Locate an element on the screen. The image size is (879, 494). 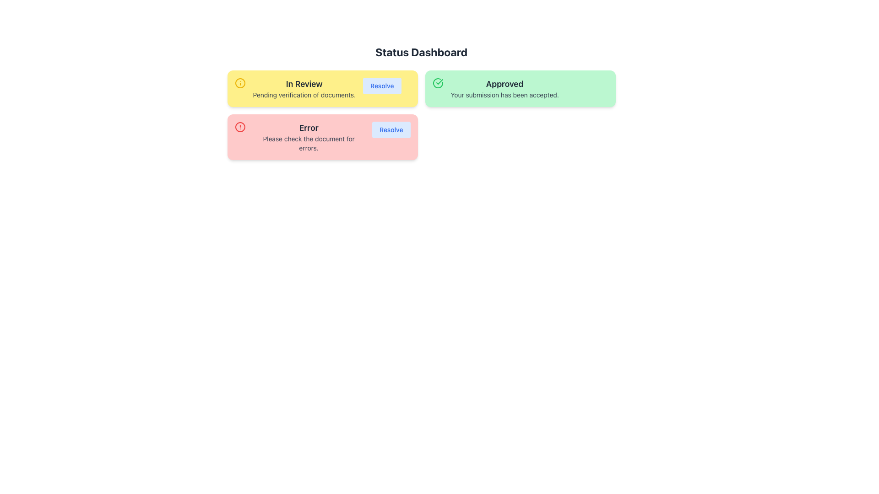
the static text indicating the status of a process currently under review, located in the top left portion of the interface adjacent to the 'Approved' card is located at coordinates (304, 84).